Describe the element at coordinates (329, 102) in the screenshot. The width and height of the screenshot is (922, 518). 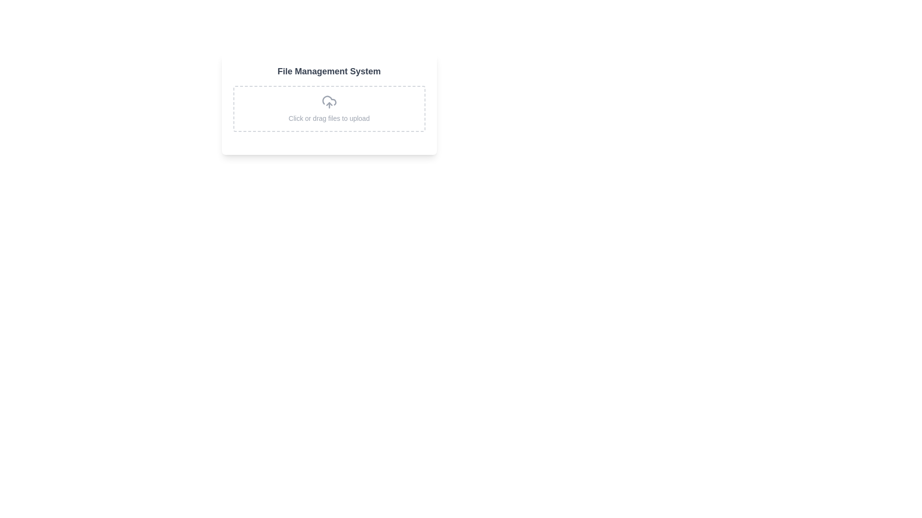
I see `the cloud upload icon, which is centrally positioned within the bordered rectangle labeled 'Click or drag files to upload'` at that location.